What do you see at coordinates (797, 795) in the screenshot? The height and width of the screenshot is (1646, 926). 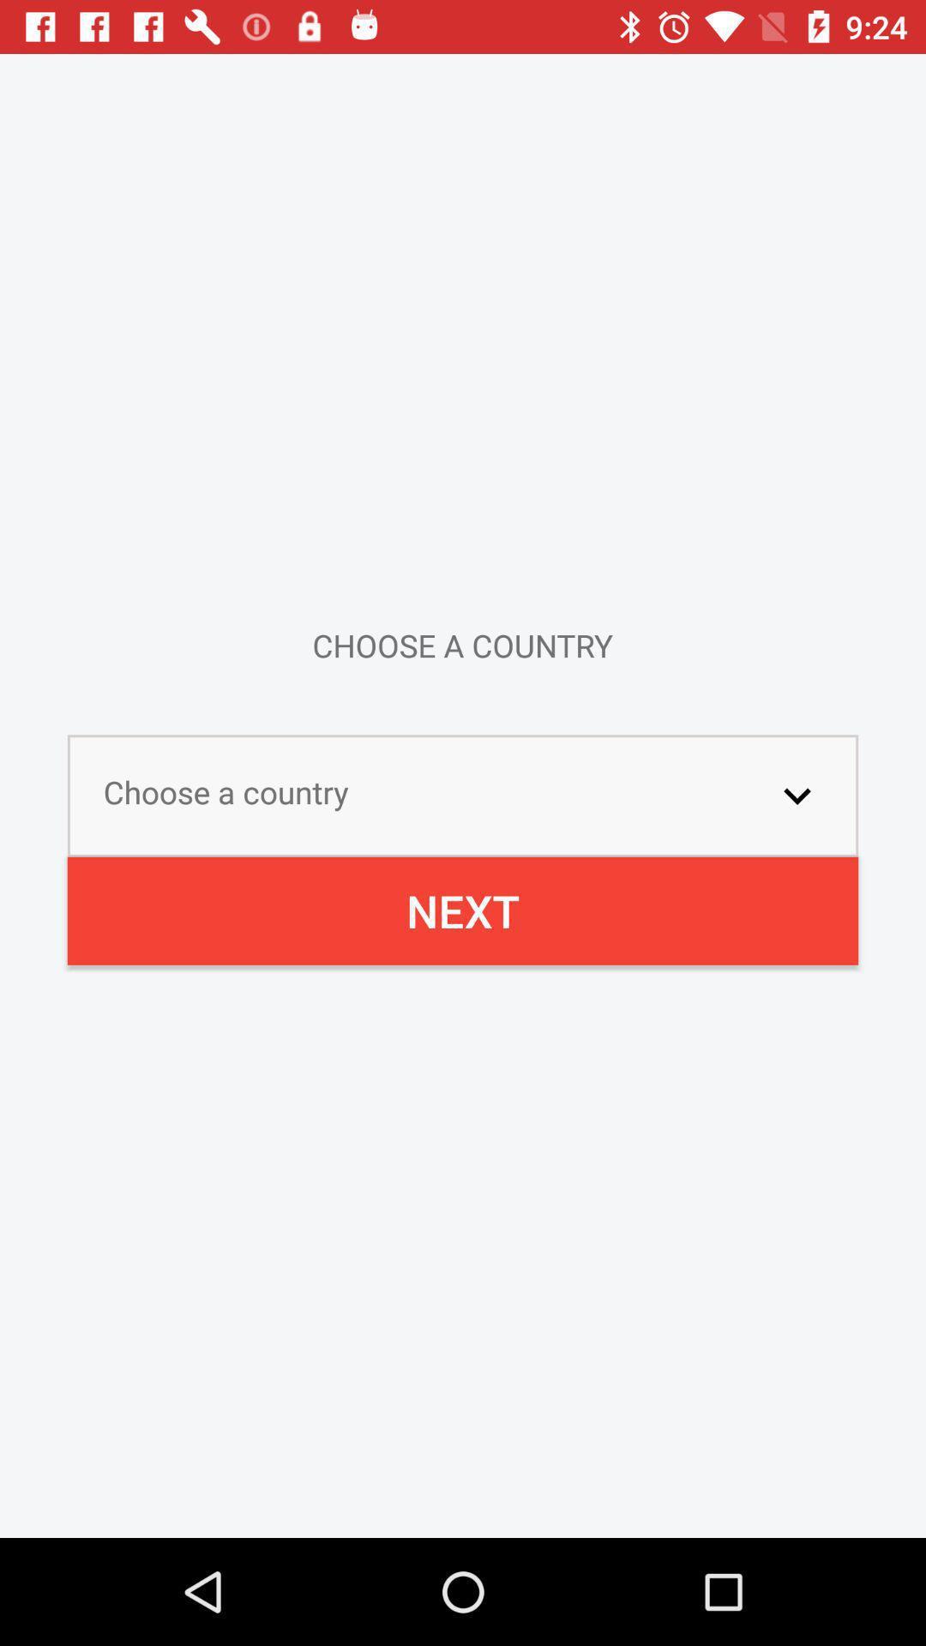 I see `the expand_more icon` at bounding box center [797, 795].